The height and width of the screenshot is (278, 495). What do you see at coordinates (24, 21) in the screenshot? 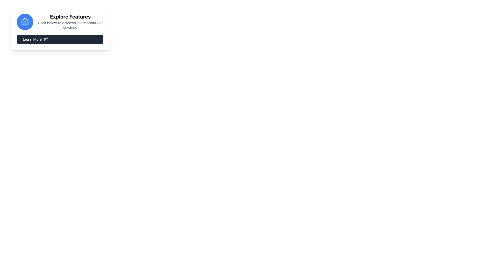
I see `the house icon within the blue circular area located in the top left corner of the card component` at bounding box center [24, 21].